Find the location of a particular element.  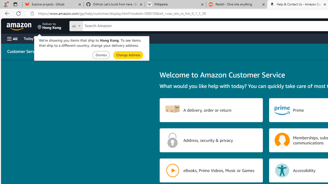

'eBooks, Prime Videos, Music or Games' is located at coordinates (211, 170).